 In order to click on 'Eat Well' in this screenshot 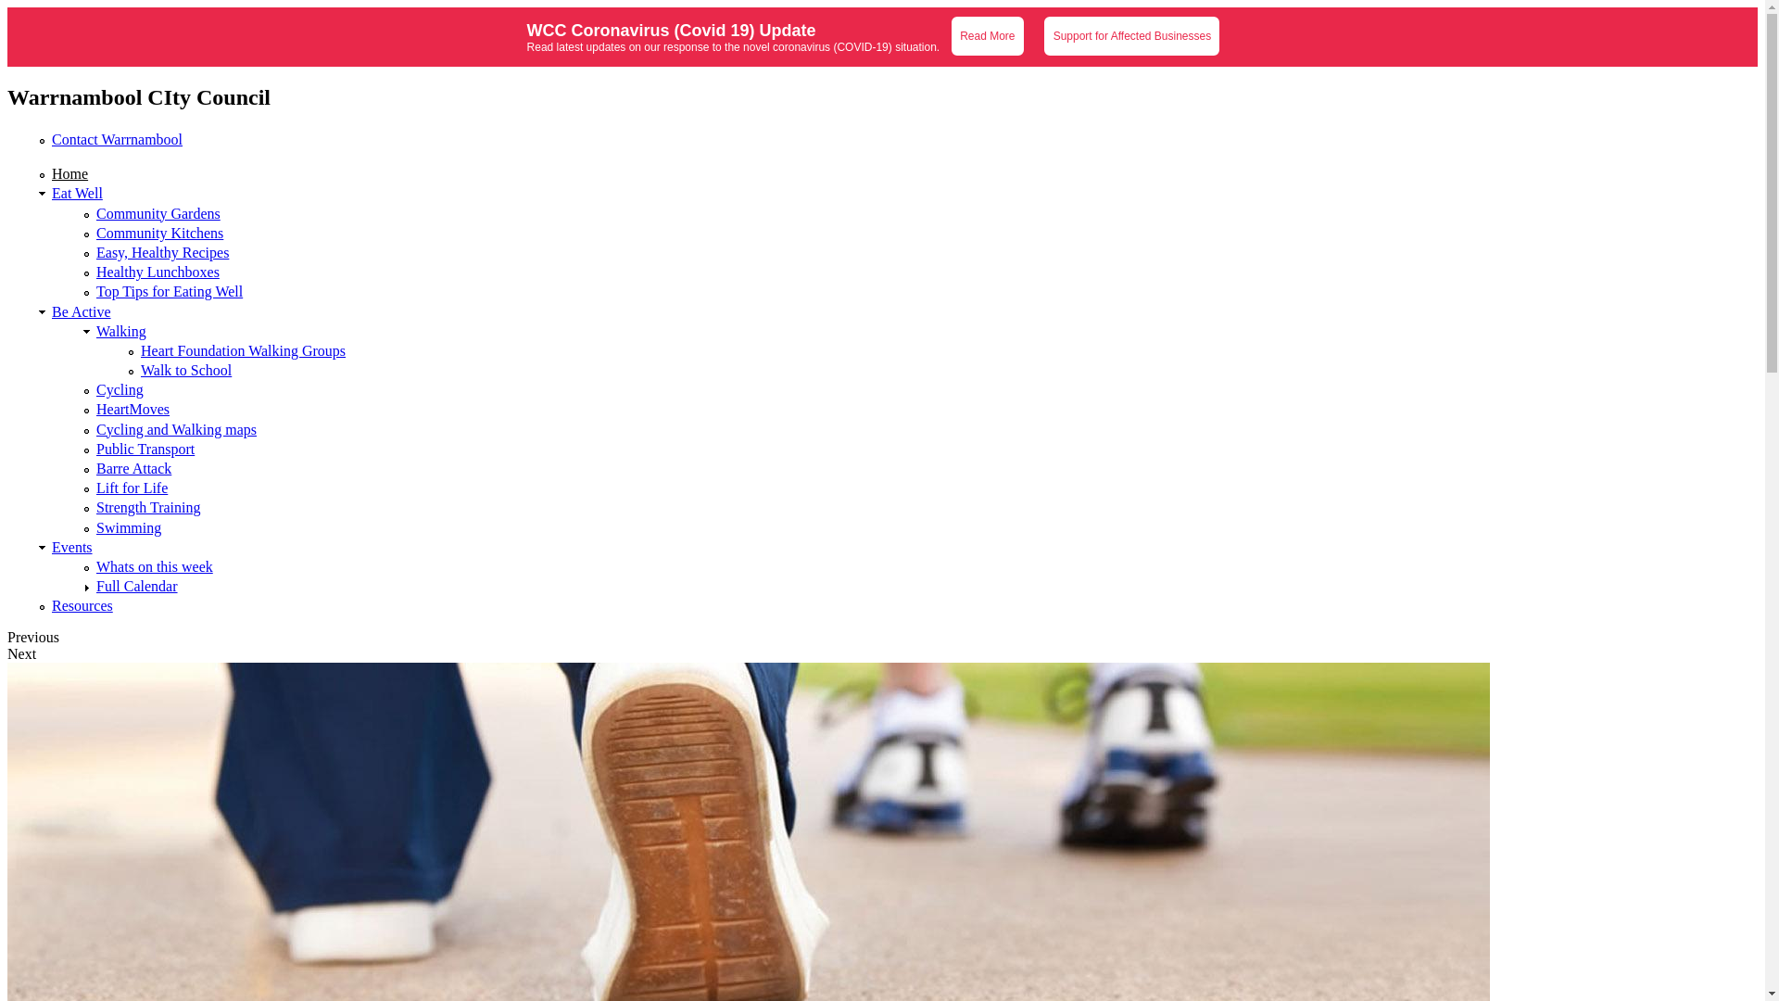, I will do `click(76, 193)`.